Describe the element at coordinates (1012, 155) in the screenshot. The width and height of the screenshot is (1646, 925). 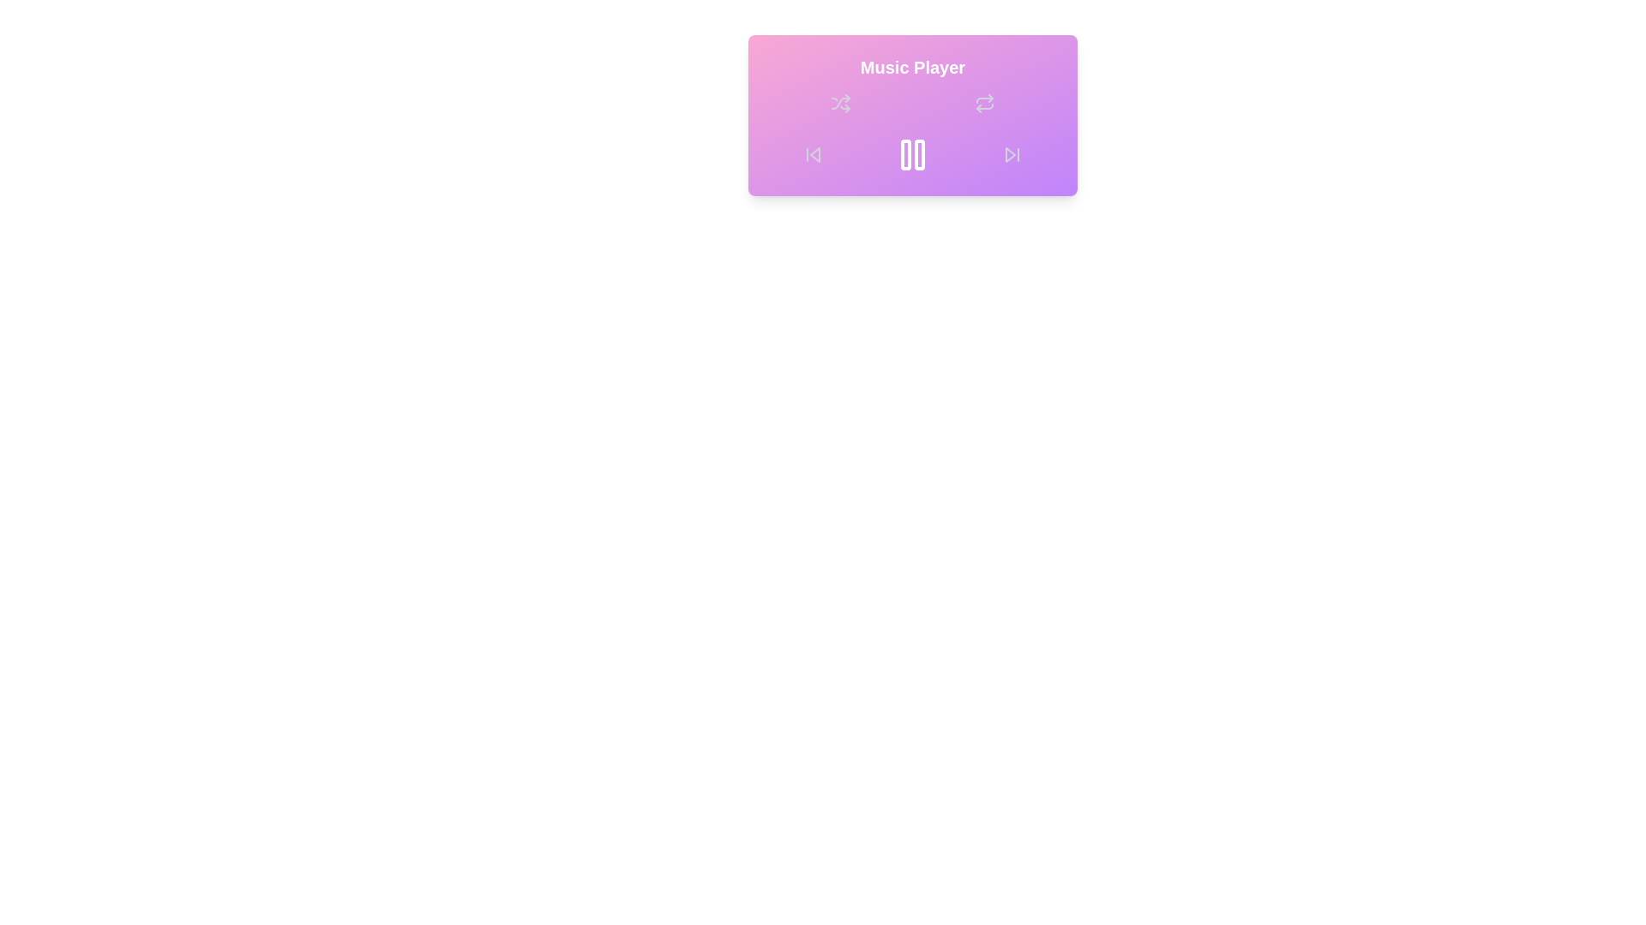
I see `the 'Skip Forward' button to skip to the next track` at that location.